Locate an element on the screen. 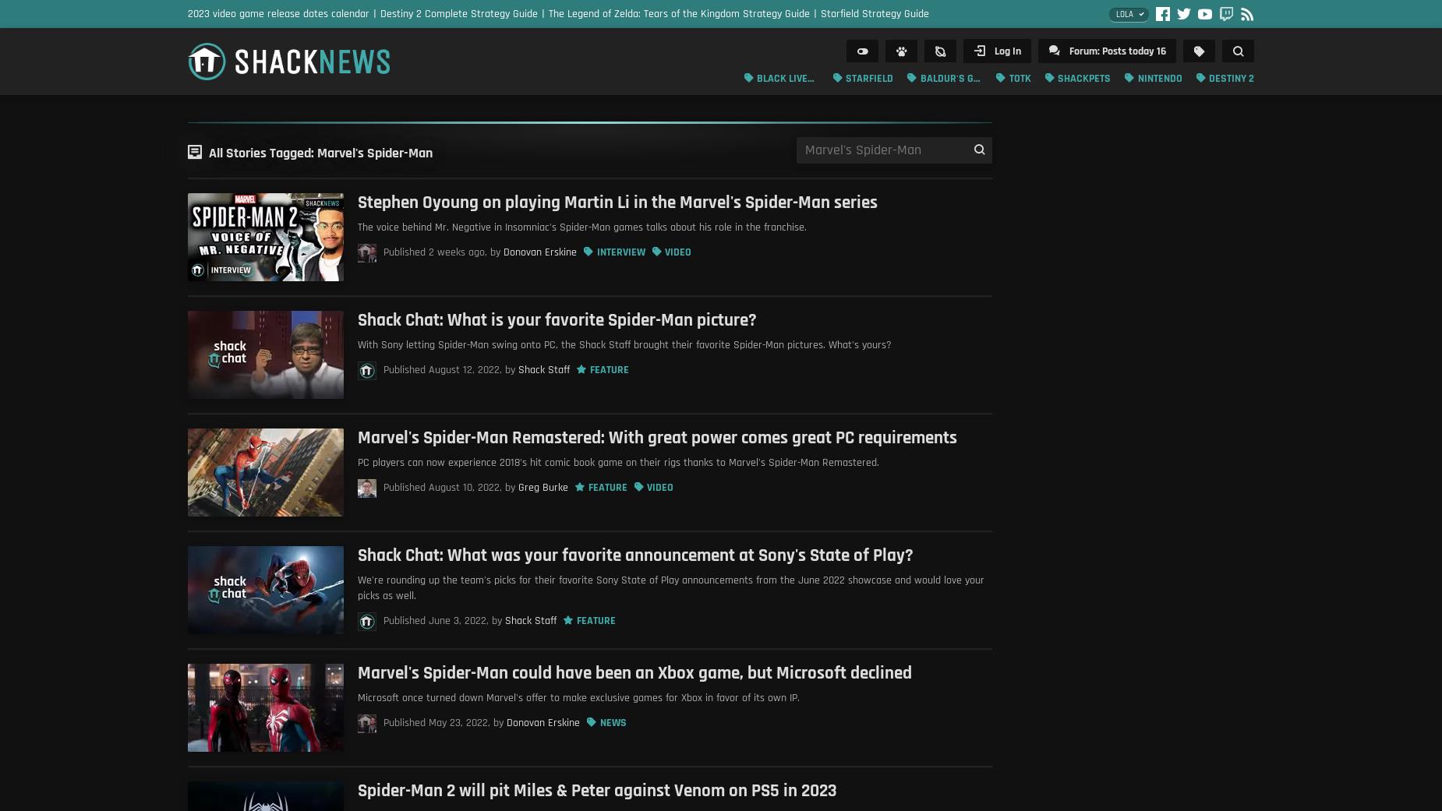 Image resolution: width=1442 pixels, height=811 pixels. 'Long Reads' is located at coordinates (1203, 211).